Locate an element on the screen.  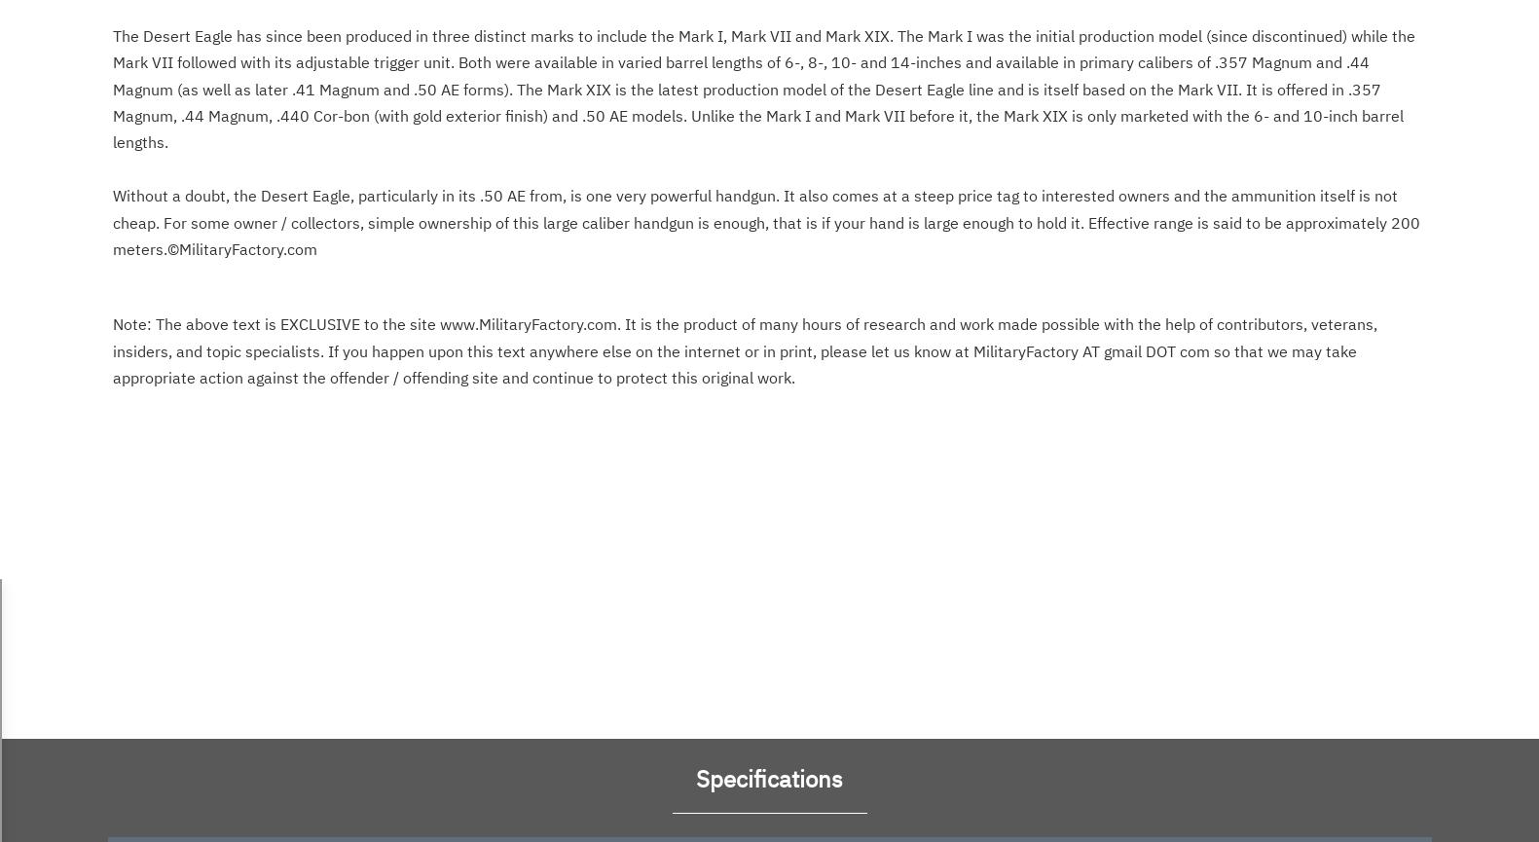
'The "Military Factory" name and MilitaryFactory.com logo are registered ® U.S. trademarks protected by all applicable domestic and international intellectual property laws. All written content, illustrations, and photography are unique to this website (unless where indicated) and not for reuse/reproduction in any form. Material presented throughout this website is for historical and entertainment value only and should not to be construed as usable for hardware restoration, maintenance, or general operation. We do not sell any of the items showcased on this site. Please direct all other inquiries to militaryfactory AT gmail.com. No A.I. was used in the generation of this content; site is 100% curated by humans.' is located at coordinates (766, 71).